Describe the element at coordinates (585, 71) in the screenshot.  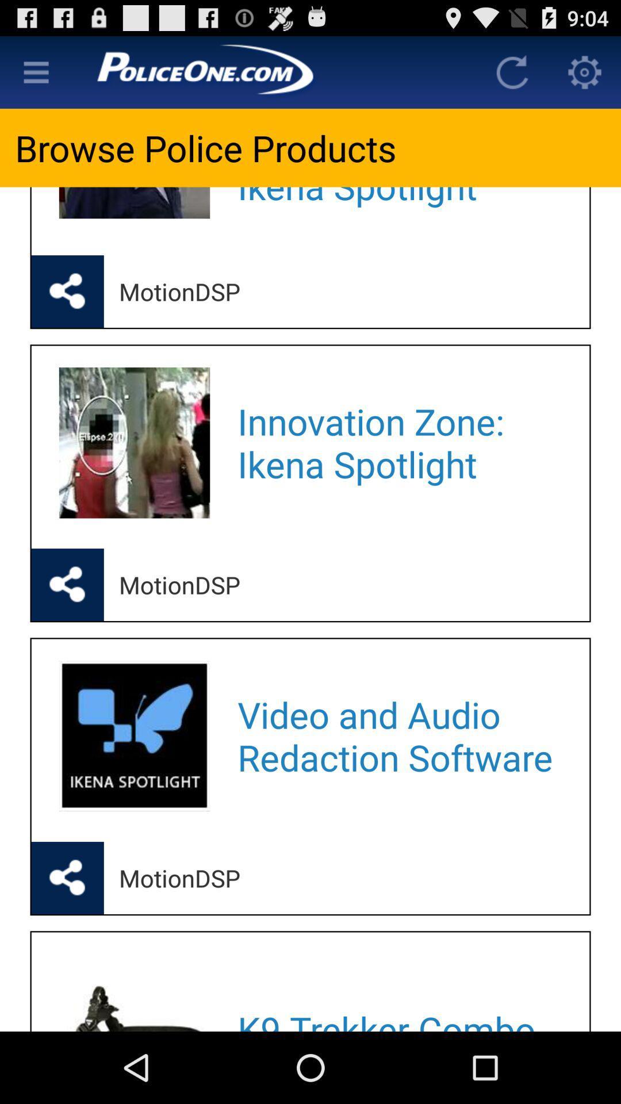
I see `loads settings` at that location.